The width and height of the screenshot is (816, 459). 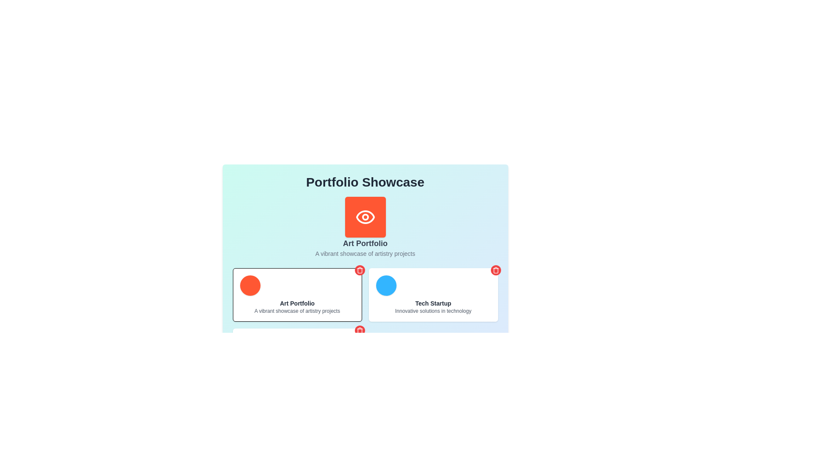 I want to click on the static text displaying 'A vibrant showcase of artistry projects.' which is centrally aligned beneath the title 'Art Portfolio.', so click(x=365, y=253).